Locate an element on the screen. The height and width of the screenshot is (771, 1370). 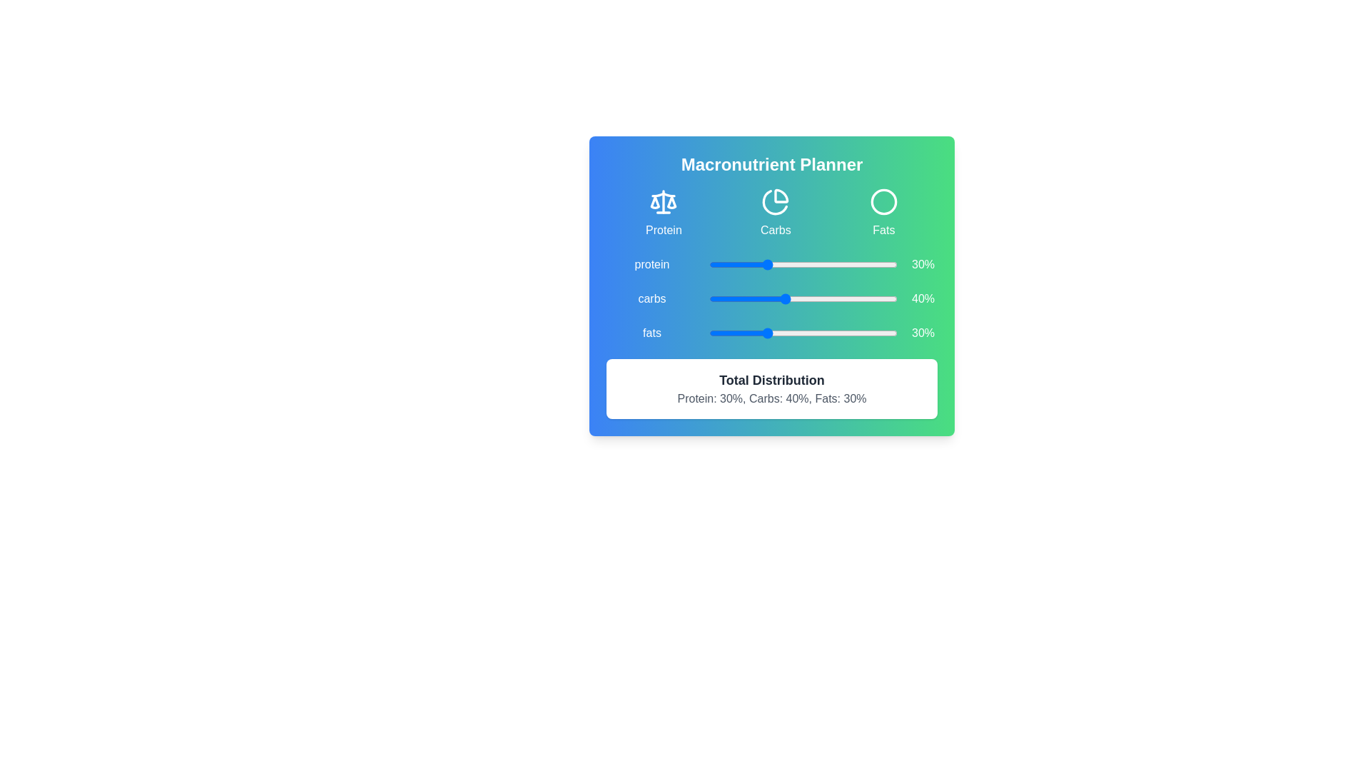
the Static text header which serves as the title or heading for the interface is located at coordinates (771, 164).